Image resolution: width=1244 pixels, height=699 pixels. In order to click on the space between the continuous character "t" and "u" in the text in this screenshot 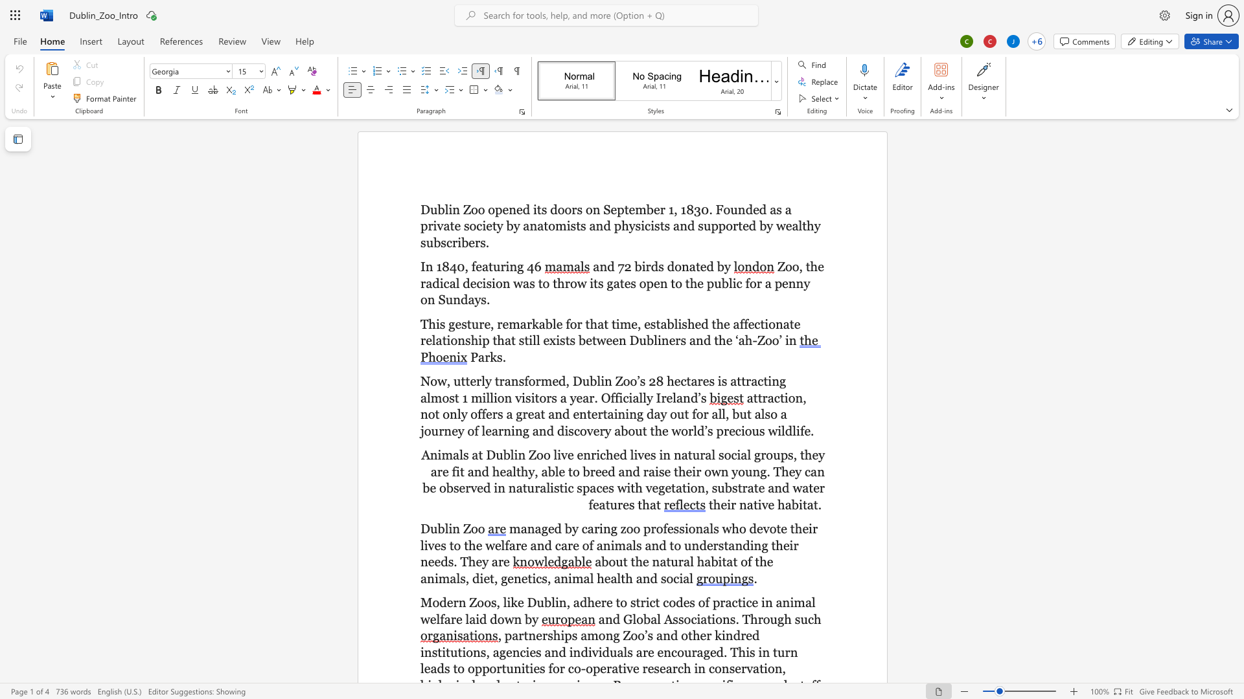, I will do `click(471, 323)`.